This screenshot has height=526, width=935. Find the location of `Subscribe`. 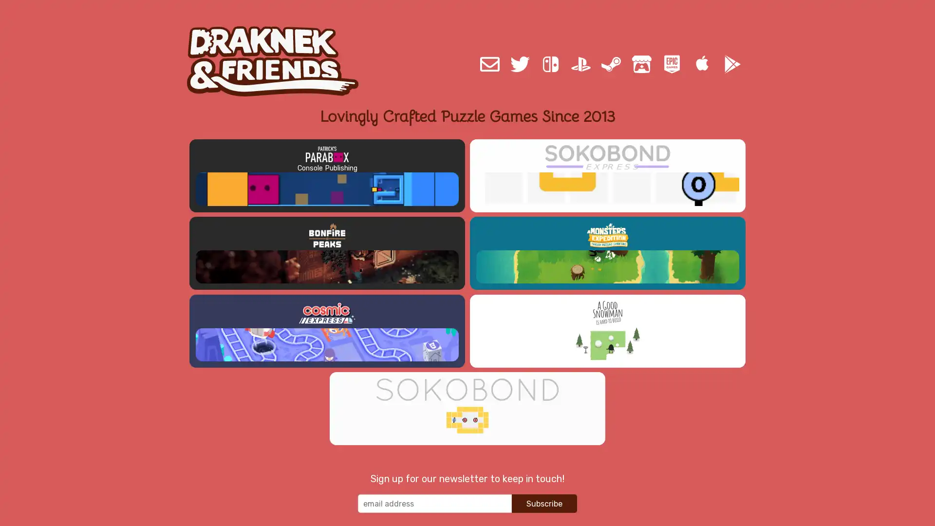

Subscribe is located at coordinates (544, 470).